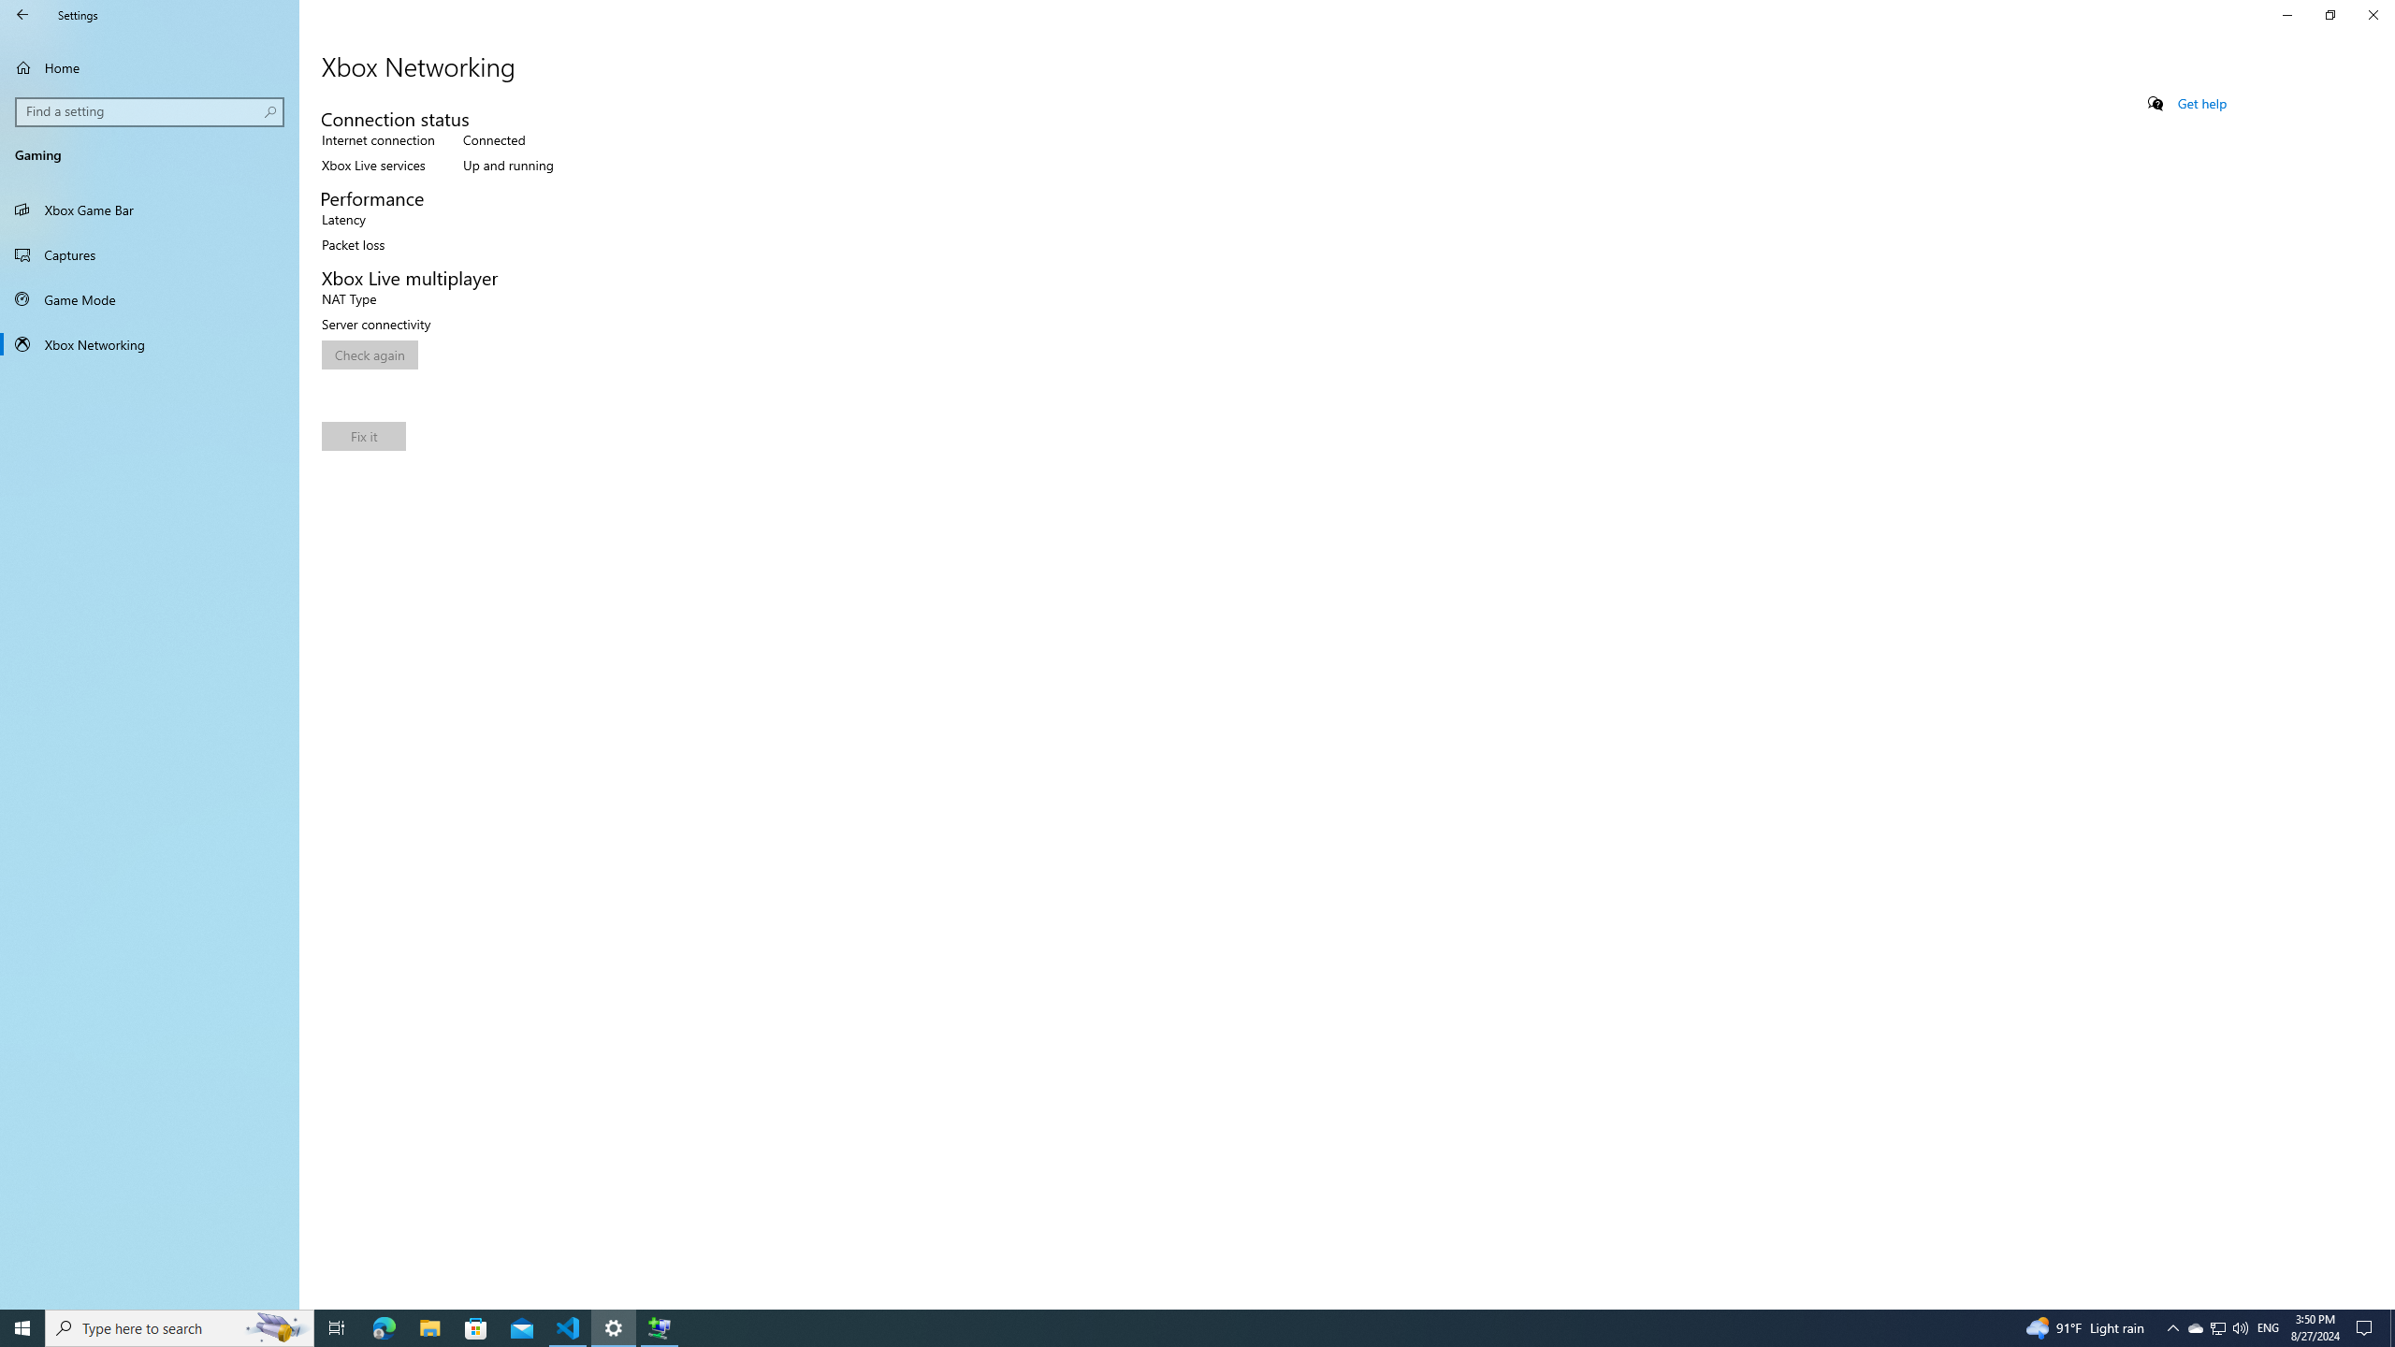 The width and height of the screenshot is (2395, 1347). I want to click on 'Minimize Settings', so click(2286, 14).